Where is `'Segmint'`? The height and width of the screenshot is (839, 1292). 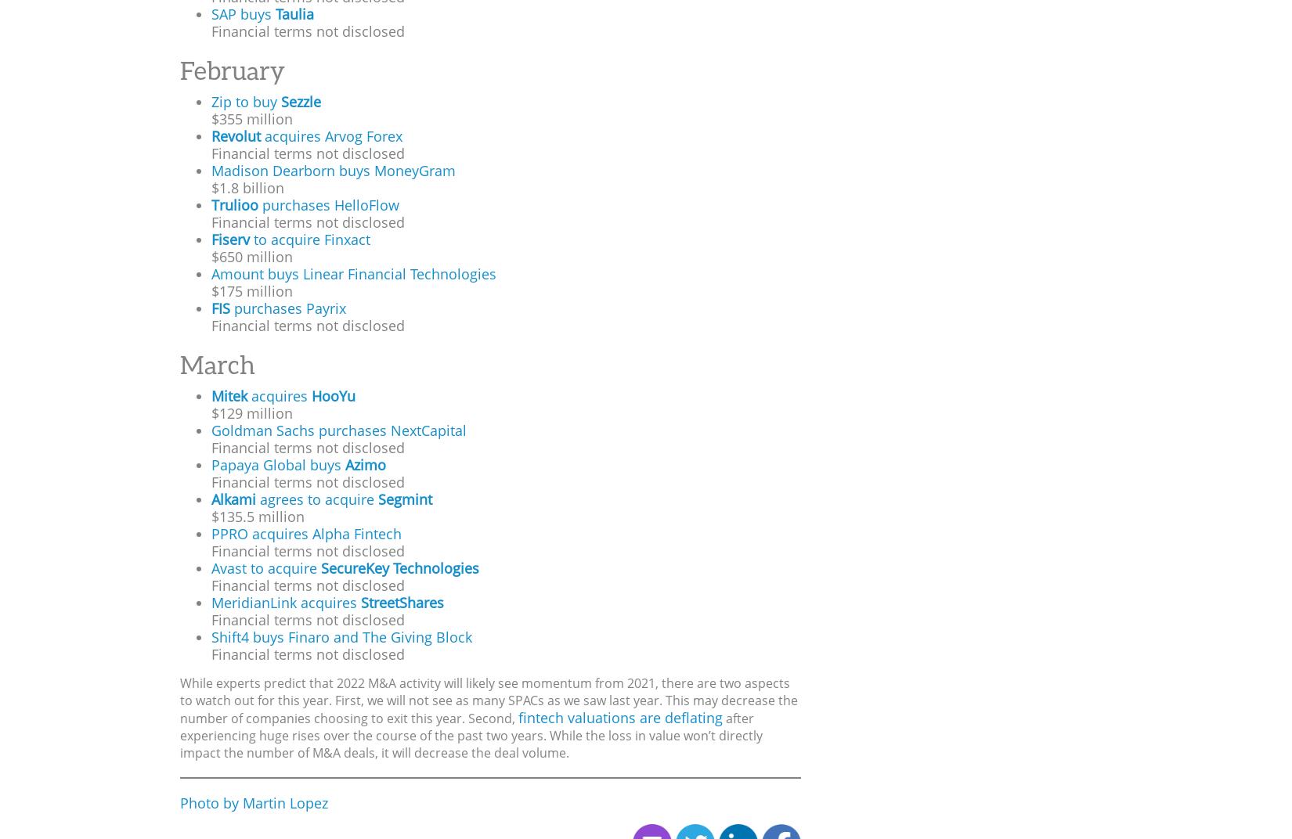
'Segmint' is located at coordinates (404, 499).